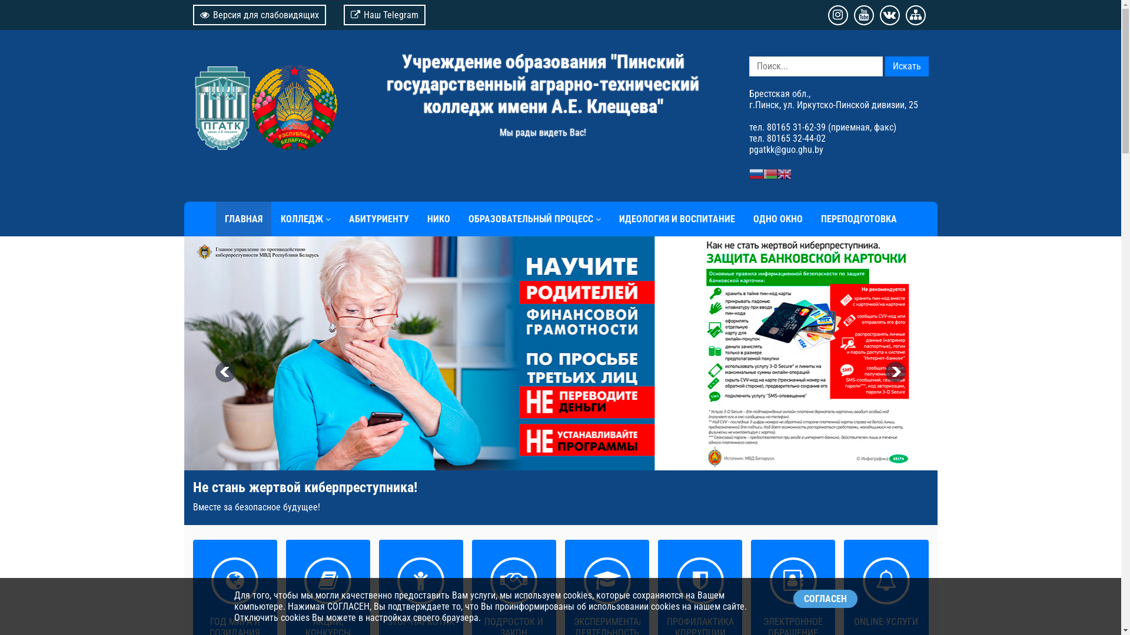  Describe the element at coordinates (748, 149) in the screenshot. I see `'pgatkk@guo.ghu.by'` at that location.